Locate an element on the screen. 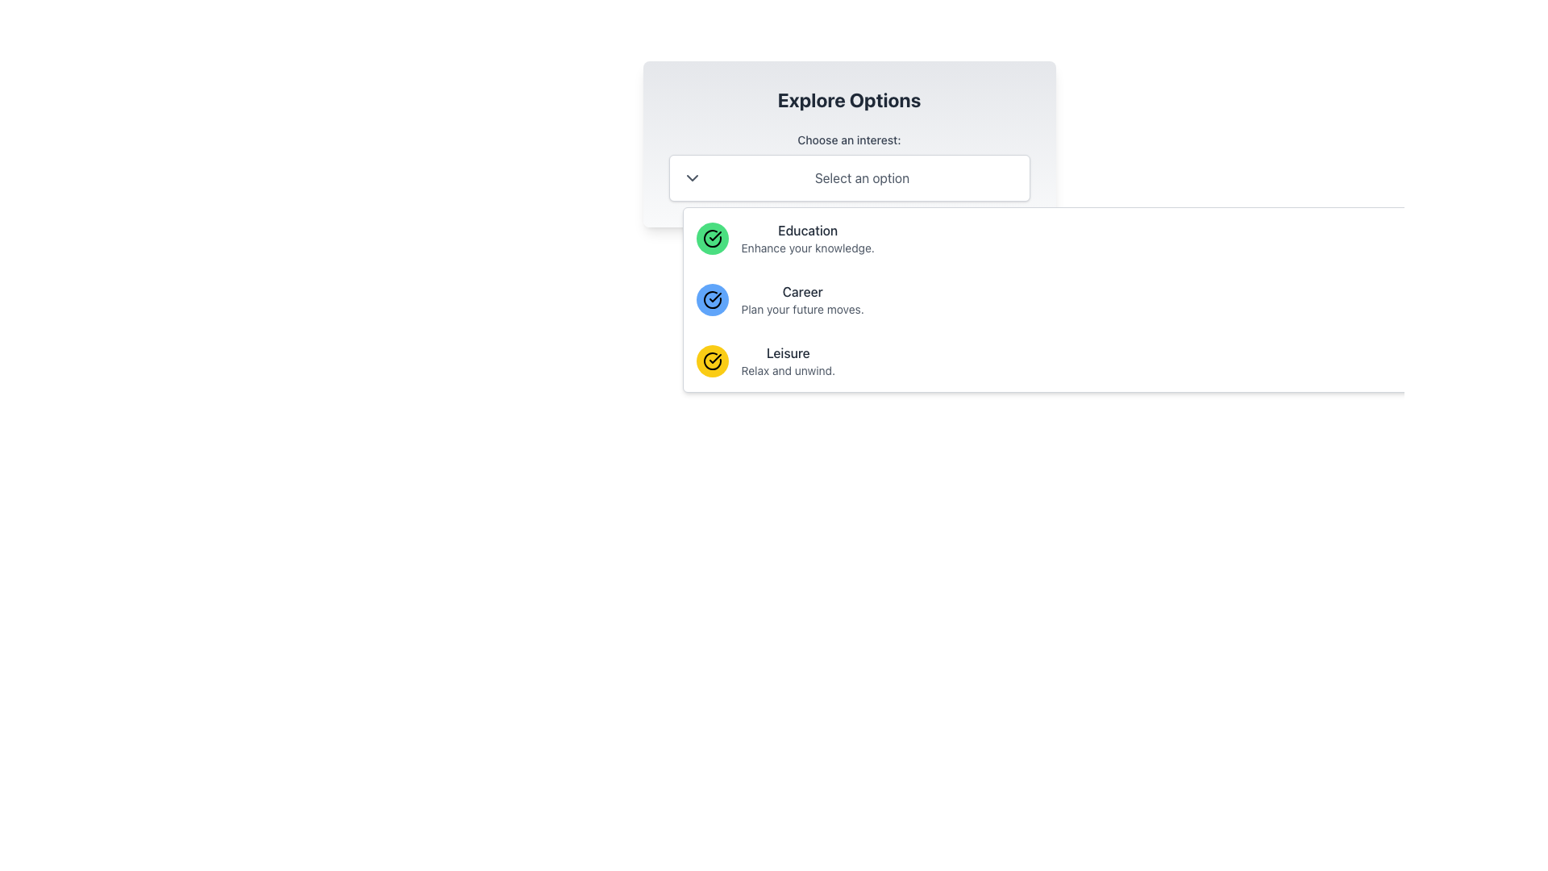  the text label that says 'Choose an interest:' which is positioned above the dropdown menu labeled 'Select an option' is located at coordinates (848, 139).